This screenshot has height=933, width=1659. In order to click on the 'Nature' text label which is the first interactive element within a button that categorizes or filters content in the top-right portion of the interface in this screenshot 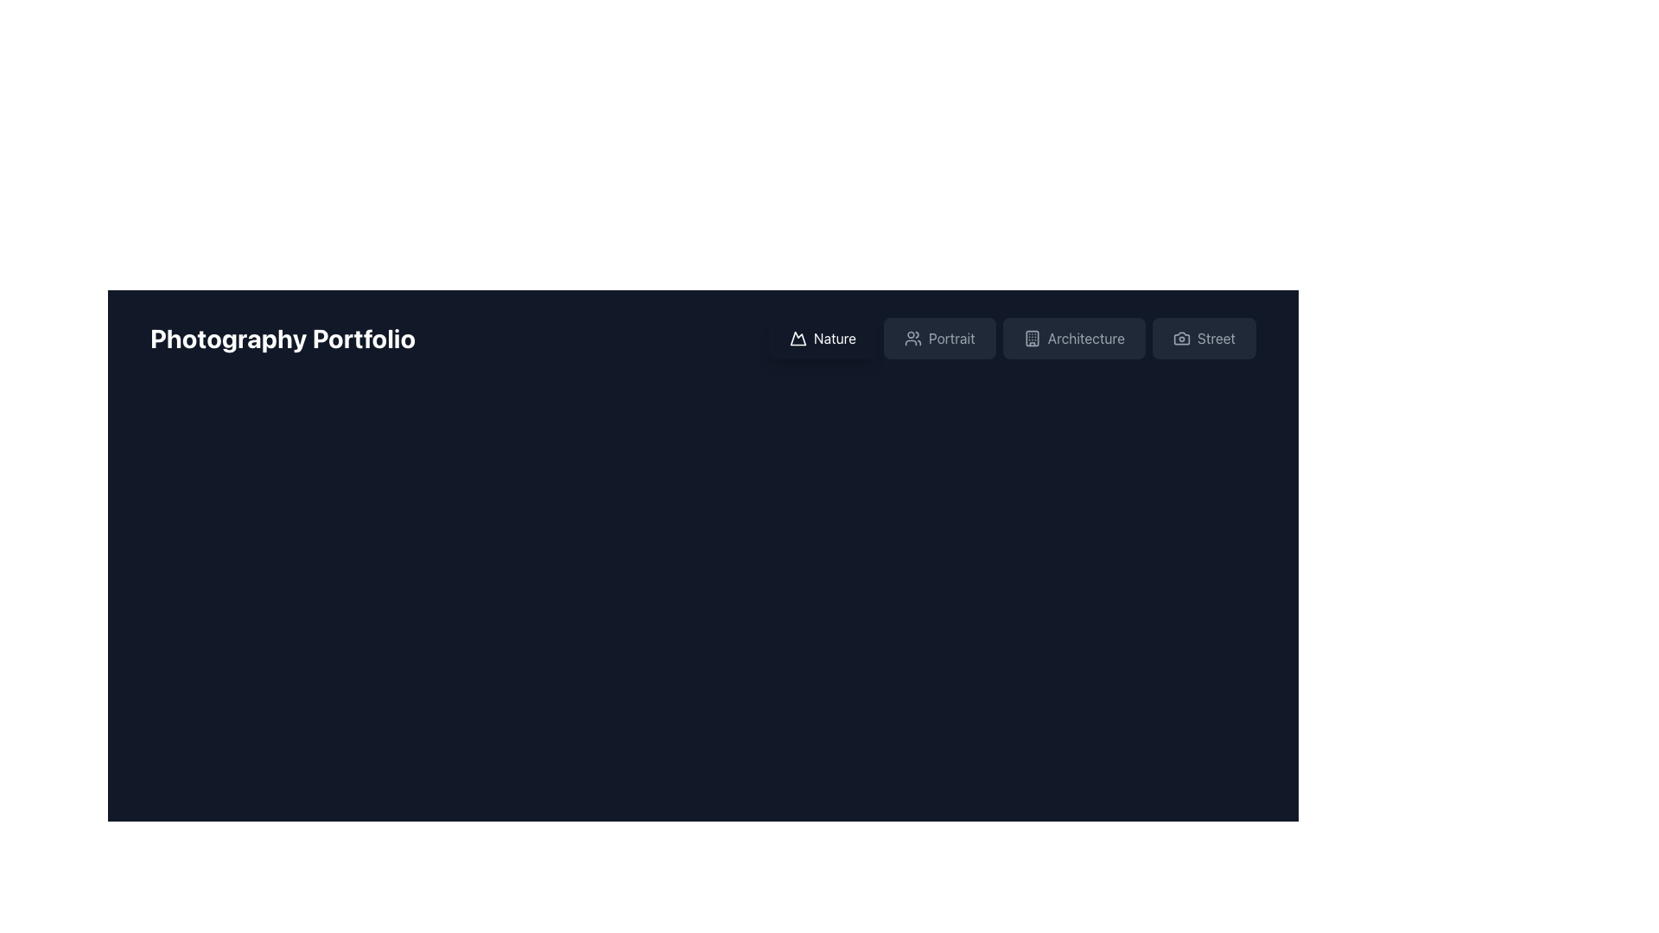, I will do `click(835, 339)`.